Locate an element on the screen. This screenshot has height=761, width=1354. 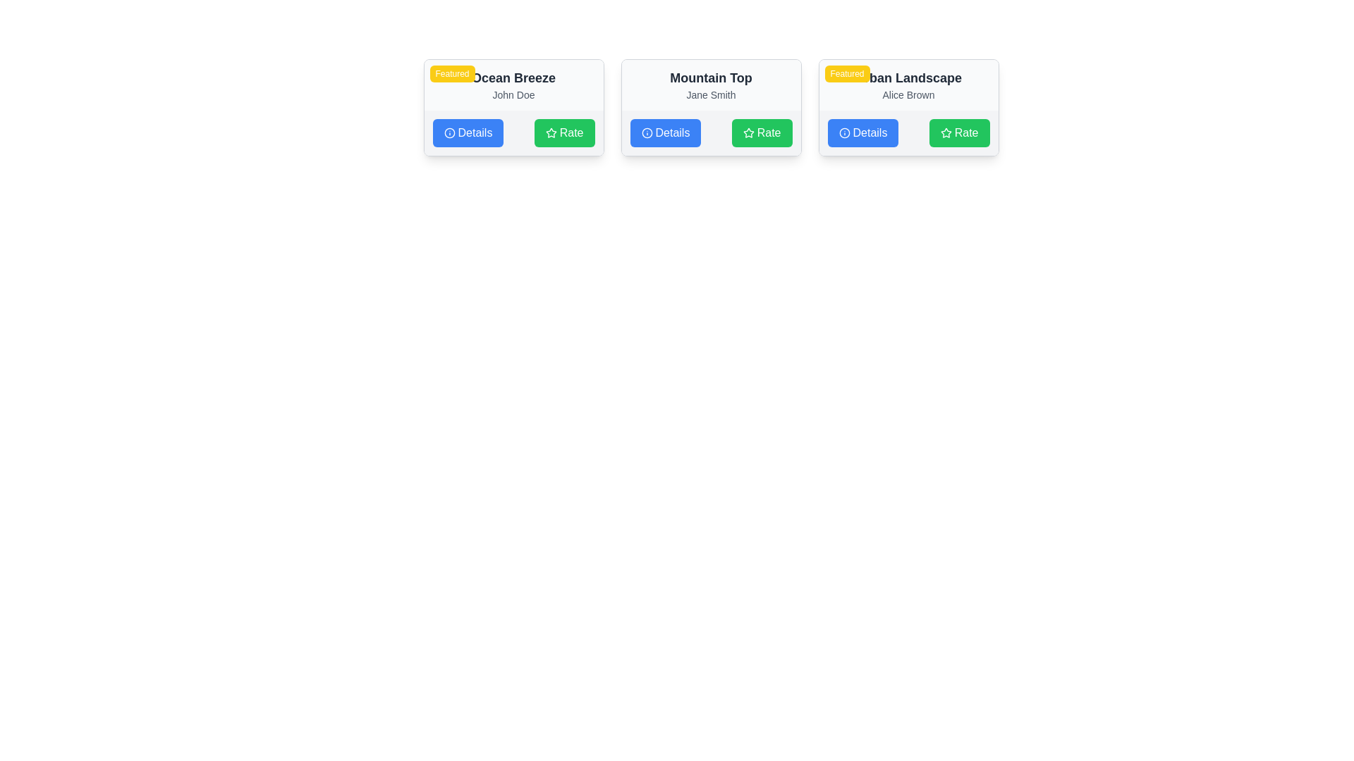
the star icon with a green background located in the 'Rate' button of the 'Ocean Breeze' card is located at coordinates (550, 133).